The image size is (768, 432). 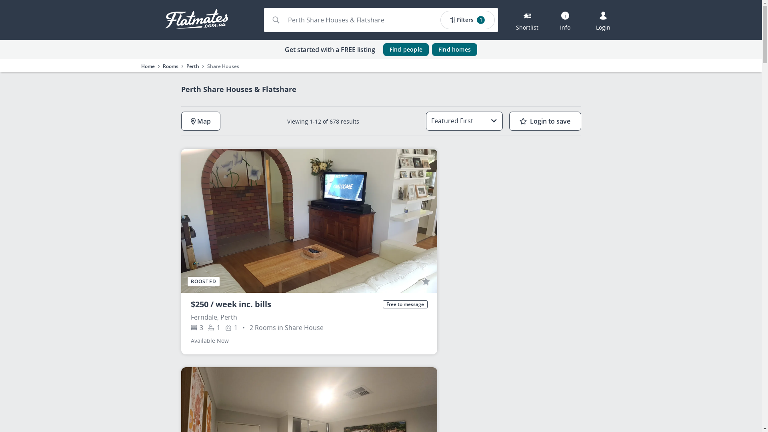 What do you see at coordinates (170, 66) in the screenshot?
I see `'Rooms'` at bounding box center [170, 66].